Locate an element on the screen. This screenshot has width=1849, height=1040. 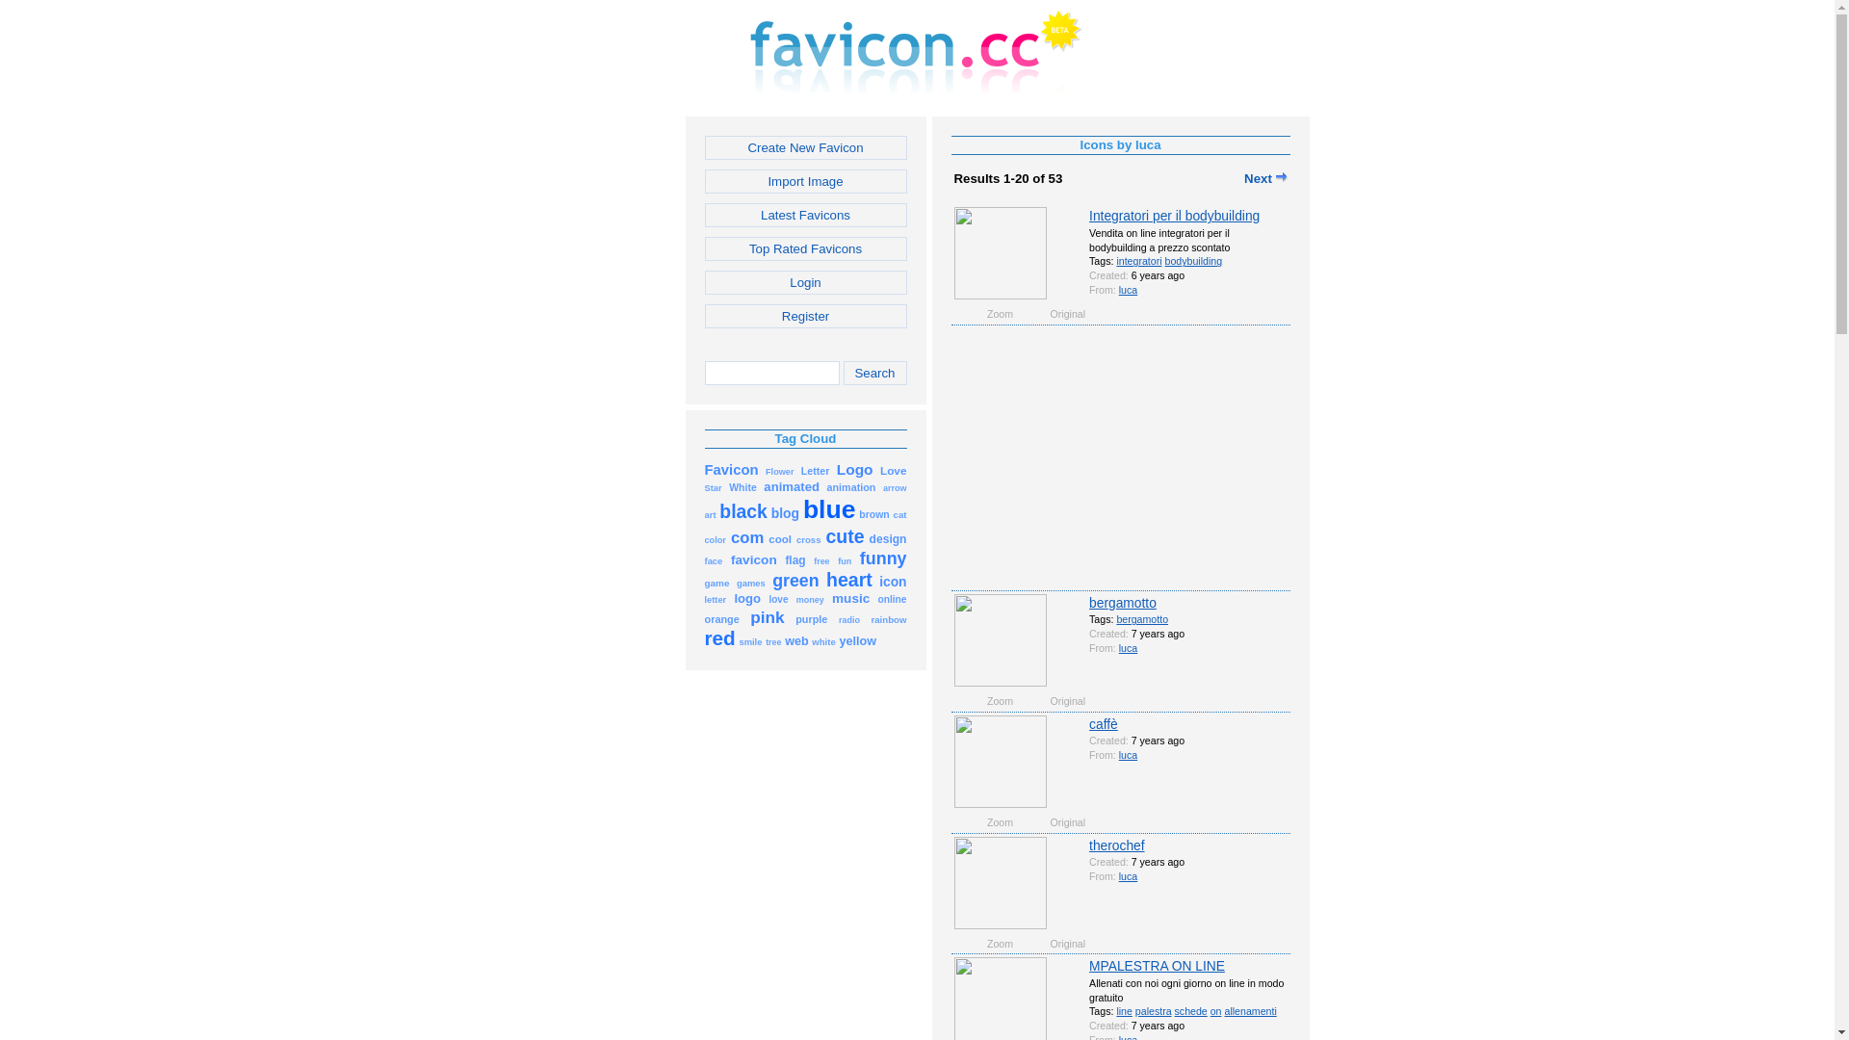
'blog' is located at coordinates (785, 512).